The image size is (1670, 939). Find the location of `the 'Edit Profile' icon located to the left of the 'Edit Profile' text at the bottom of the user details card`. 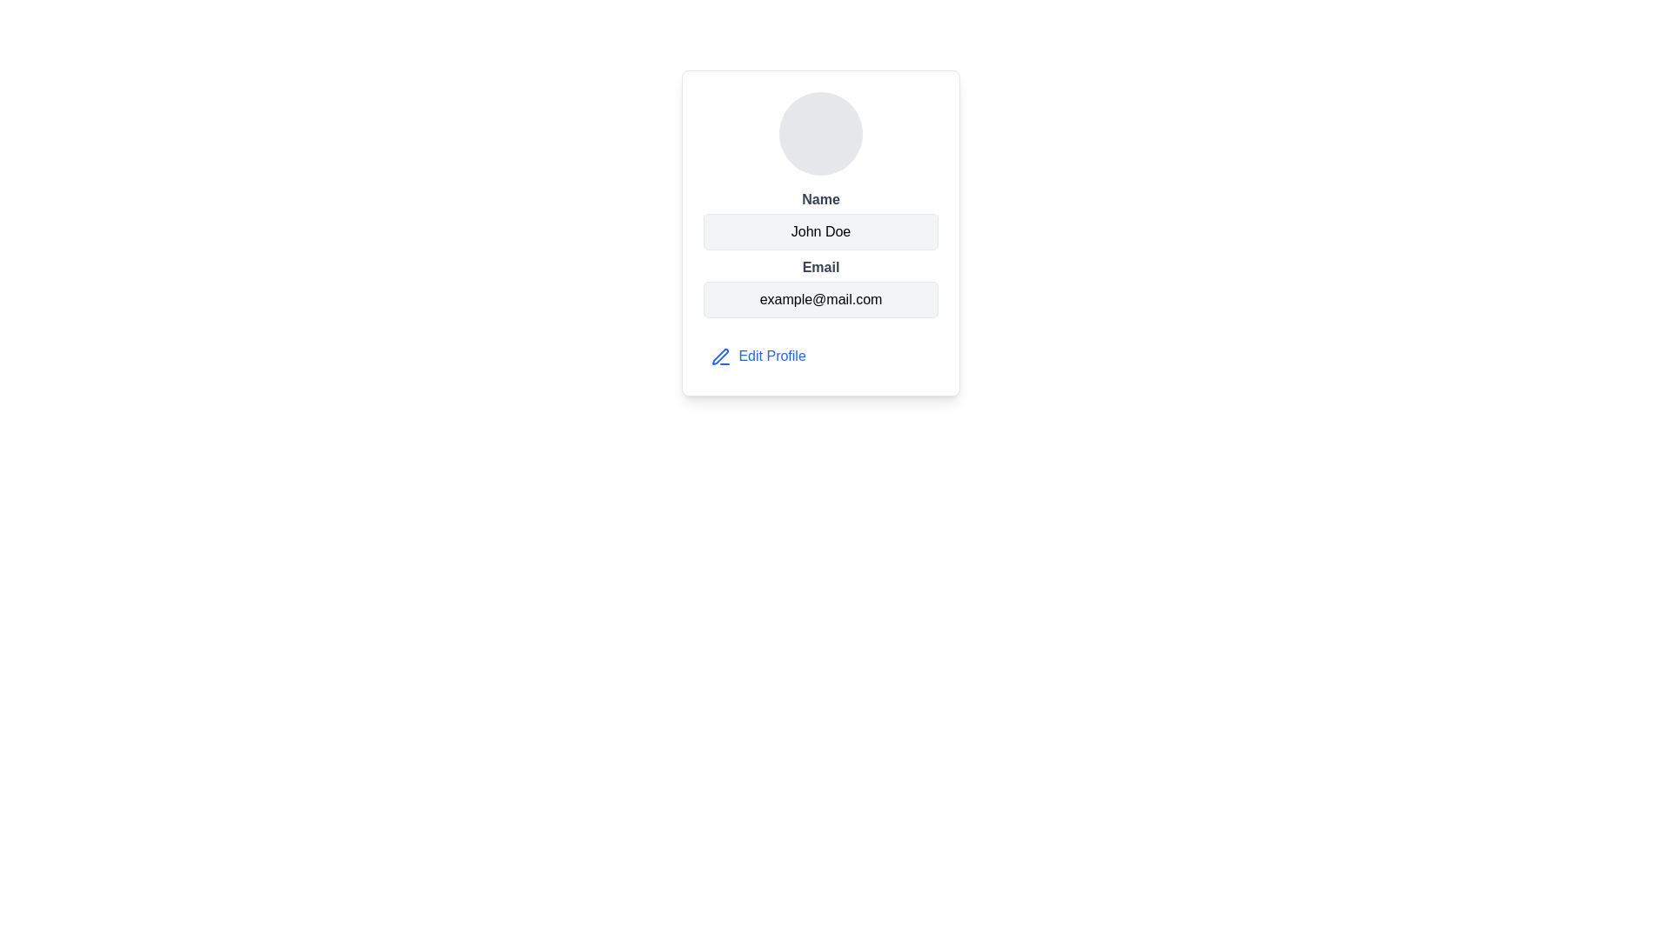

the 'Edit Profile' icon located to the left of the 'Edit Profile' text at the bottom of the user details card is located at coordinates (721, 355).